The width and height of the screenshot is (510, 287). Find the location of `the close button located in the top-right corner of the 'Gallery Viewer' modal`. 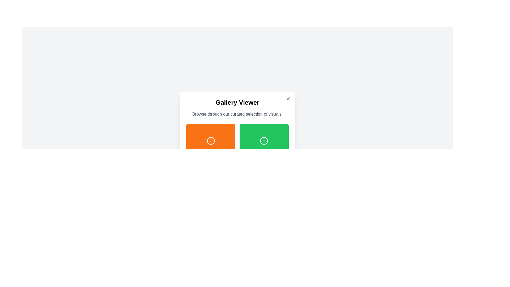

the close button located in the top-right corner of the 'Gallery Viewer' modal is located at coordinates (288, 99).